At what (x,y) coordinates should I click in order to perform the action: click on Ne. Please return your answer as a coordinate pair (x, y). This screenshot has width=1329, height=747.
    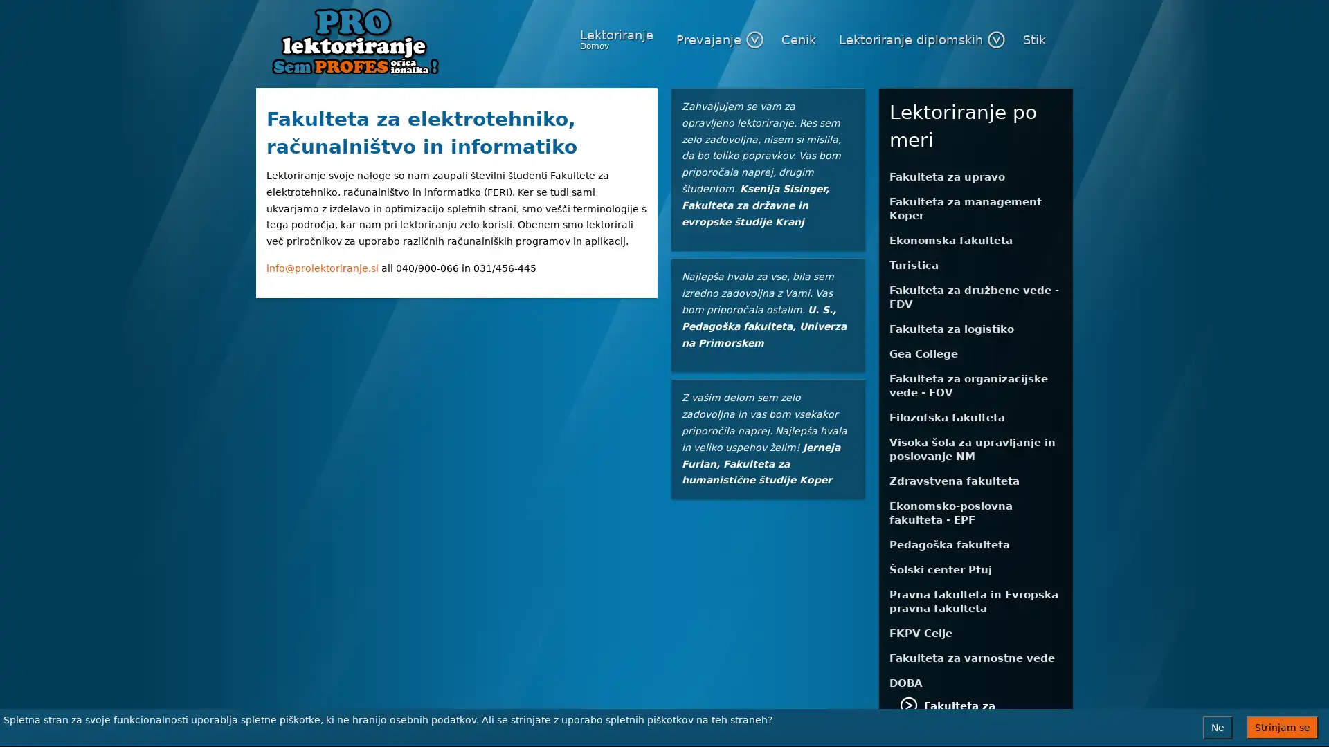
    Looking at the image, I should click on (1217, 727).